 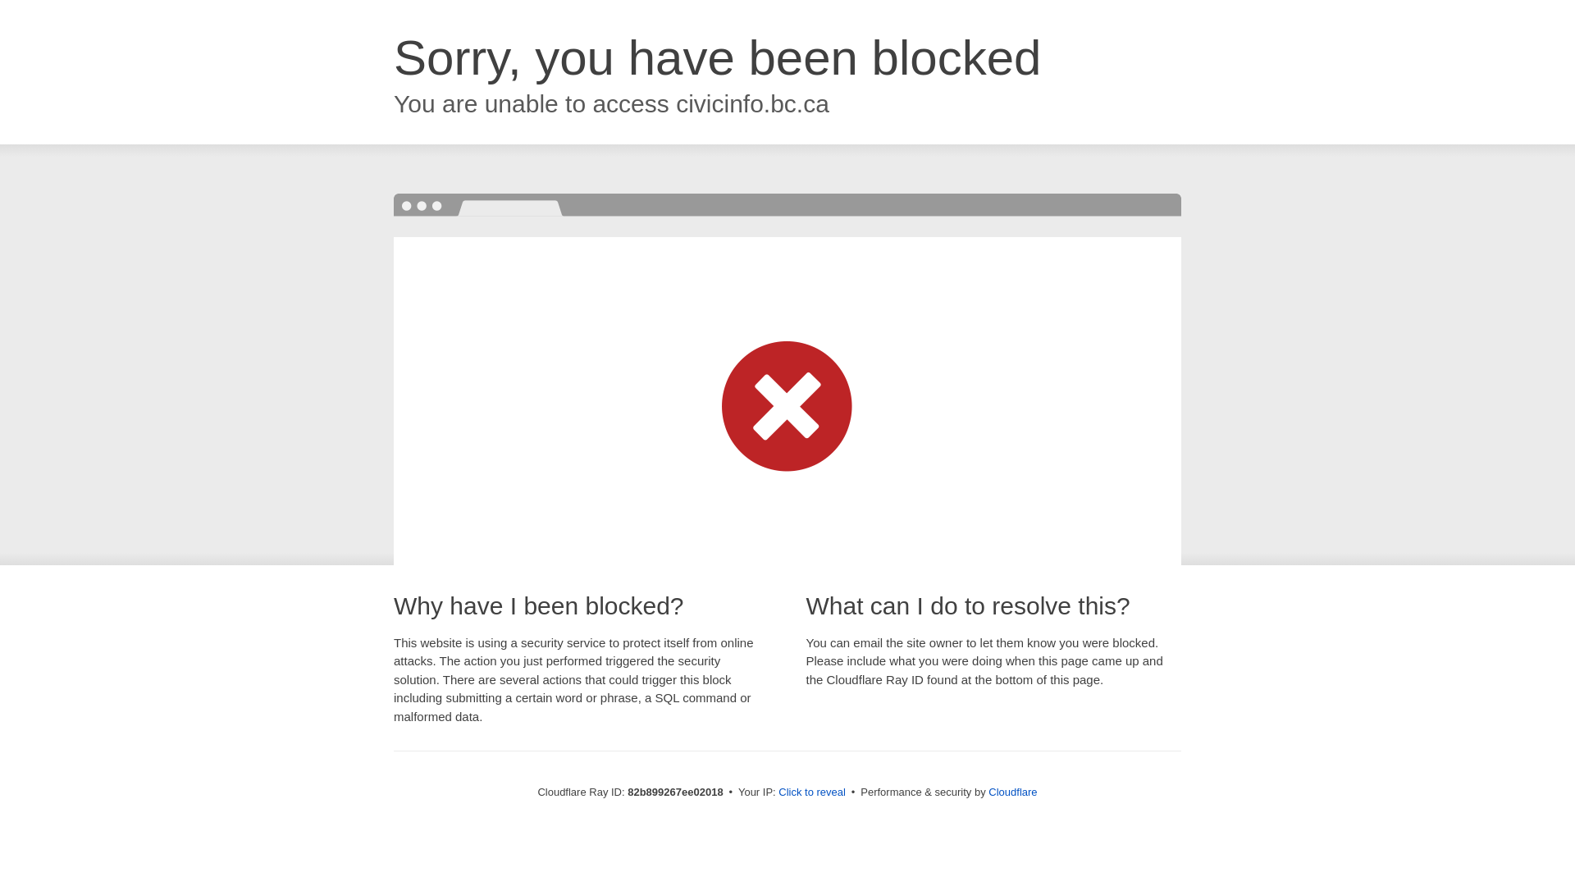 What do you see at coordinates (811, 791) in the screenshot?
I see `'Click to reveal'` at bounding box center [811, 791].